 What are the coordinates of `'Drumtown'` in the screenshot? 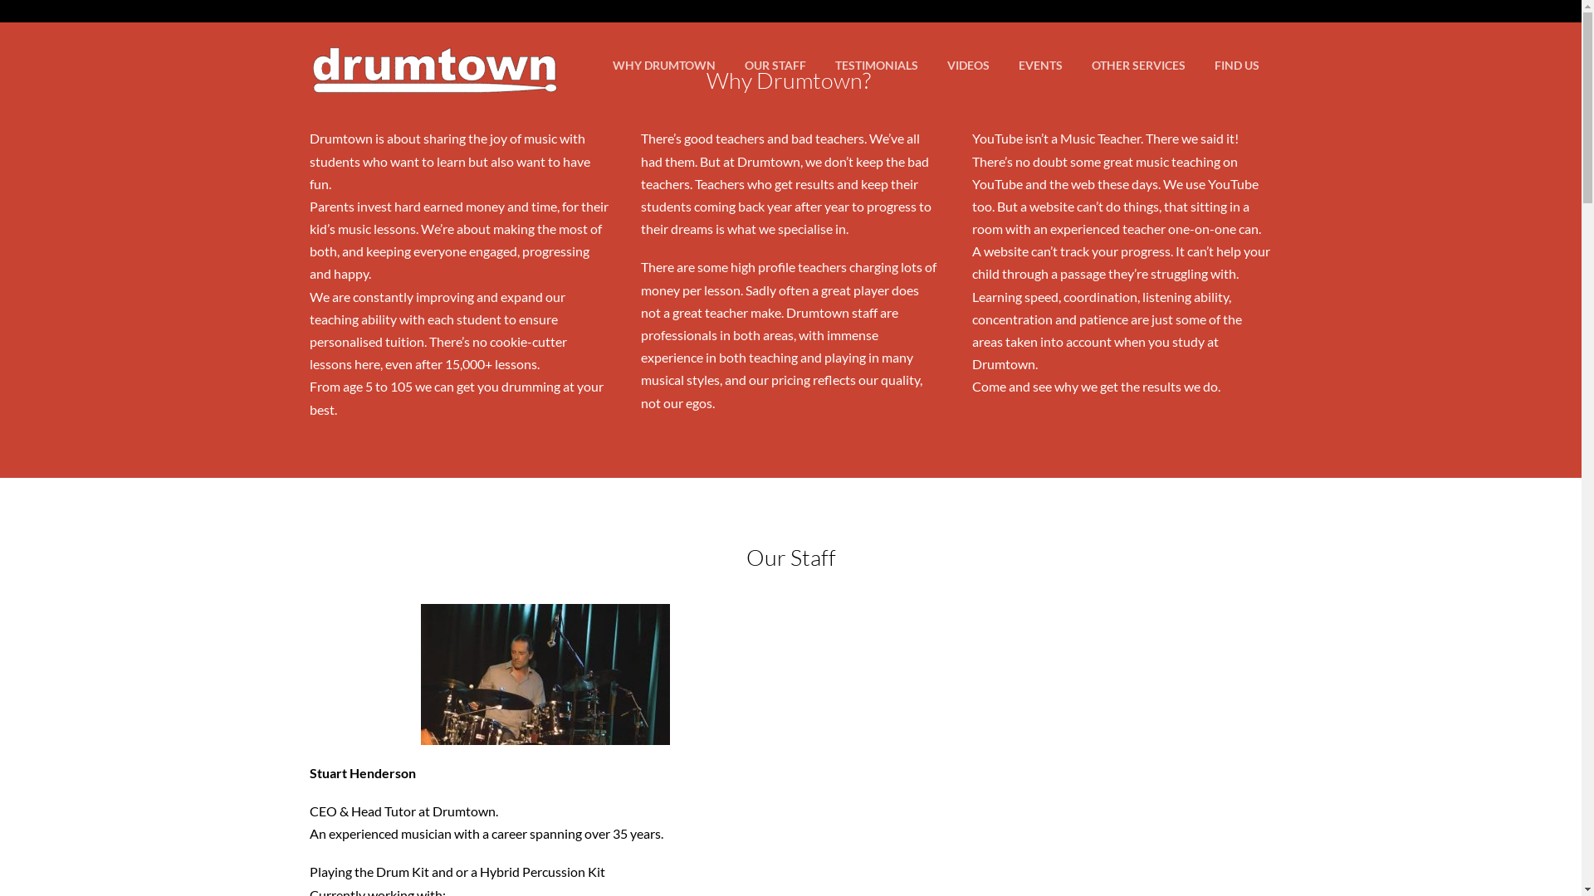 It's located at (433, 85).